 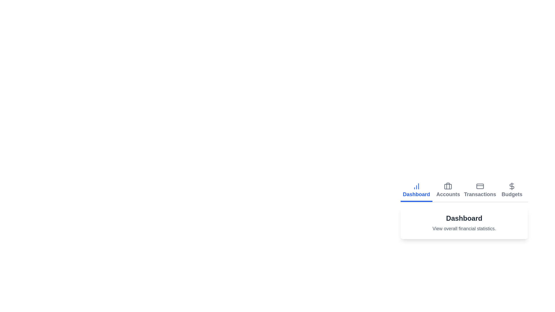 I want to click on the Accounts tab, so click(x=448, y=191).